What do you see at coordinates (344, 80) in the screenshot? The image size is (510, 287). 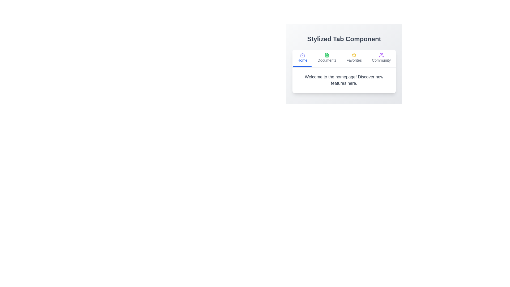 I see `the welcoming message text content that informs users about the homepage and invites them` at bounding box center [344, 80].